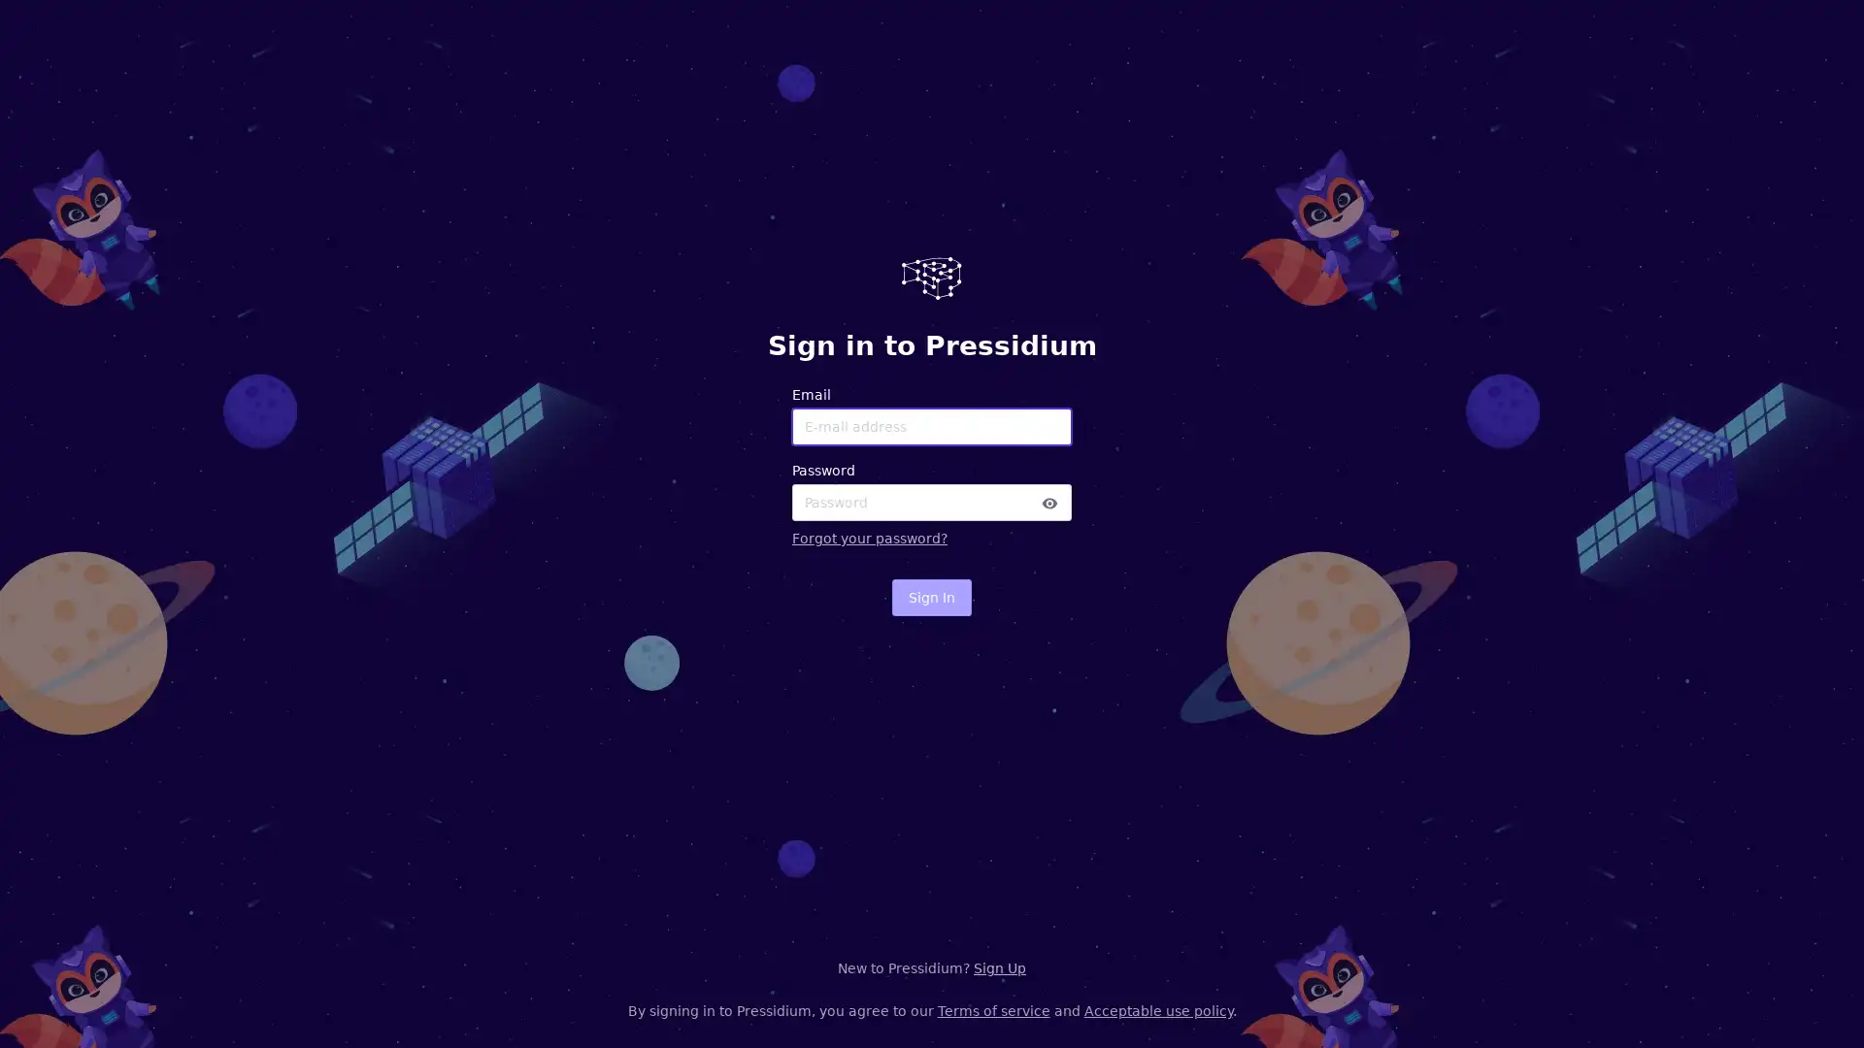 This screenshot has width=1864, height=1048. Describe the element at coordinates (932, 597) in the screenshot. I see `Sign In` at that location.